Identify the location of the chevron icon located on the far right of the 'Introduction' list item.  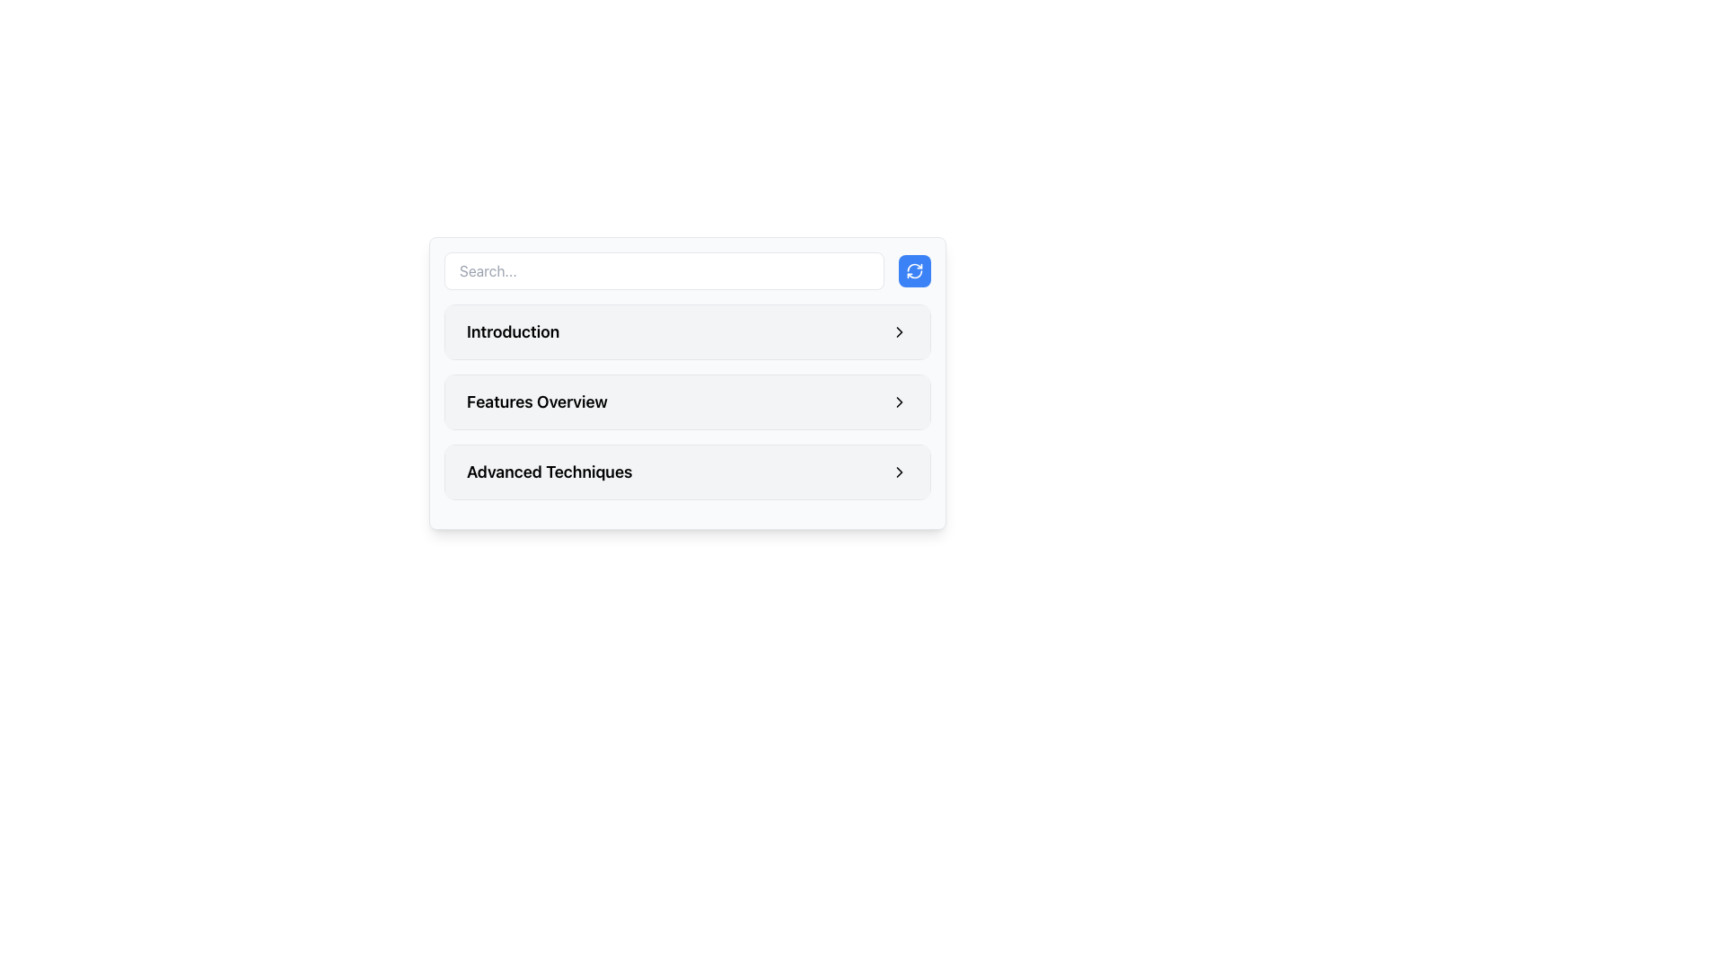
(900, 332).